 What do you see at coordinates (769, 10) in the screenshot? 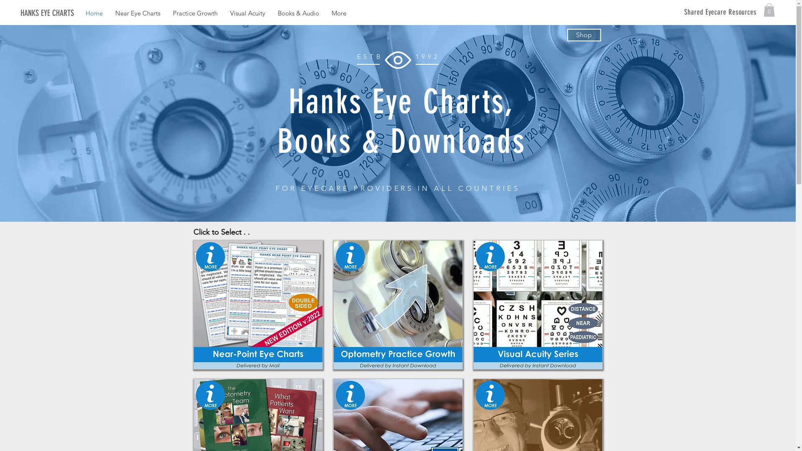
I see `'0'` at bounding box center [769, 10].